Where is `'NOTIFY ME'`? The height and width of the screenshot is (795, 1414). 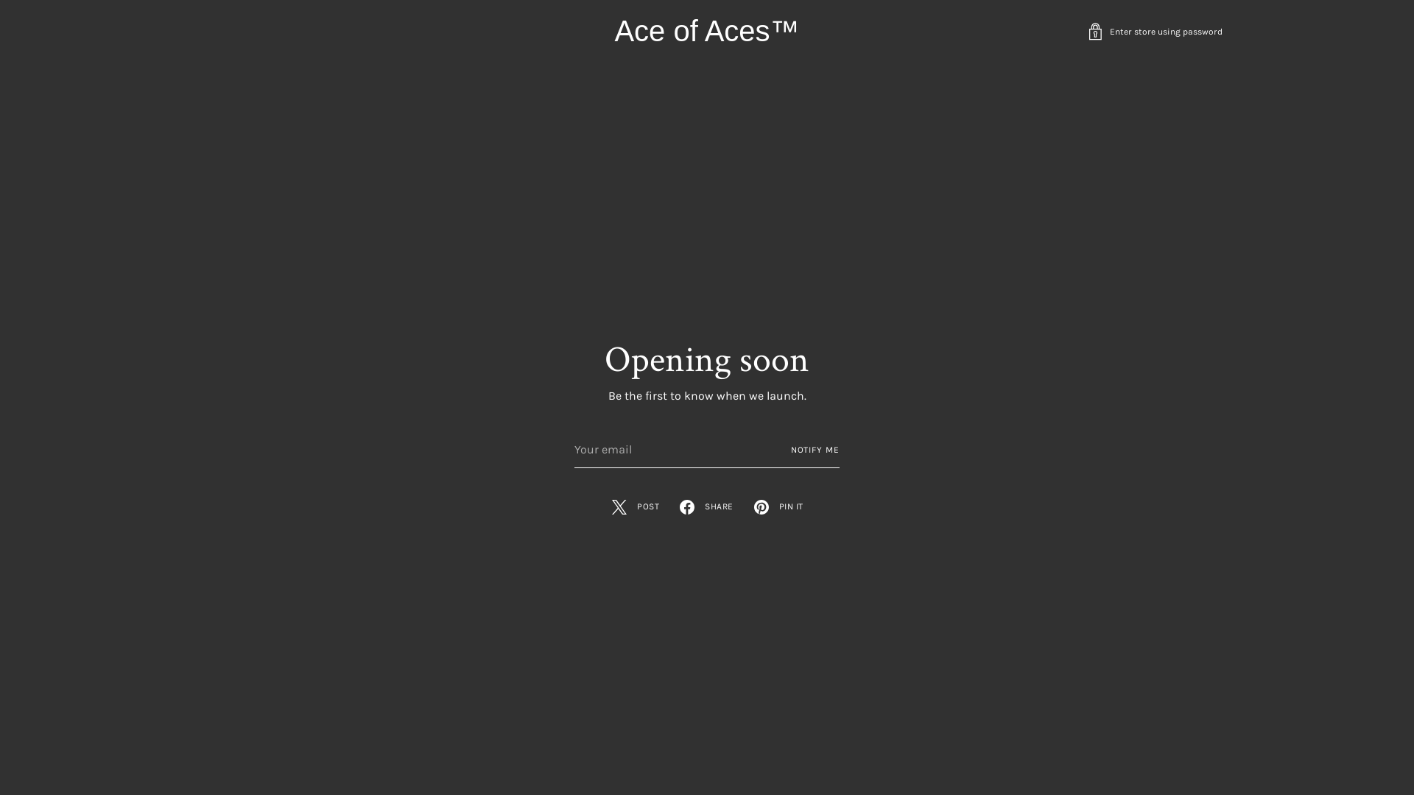
'NOTIFY ME' is located at coordinates (790, 448).